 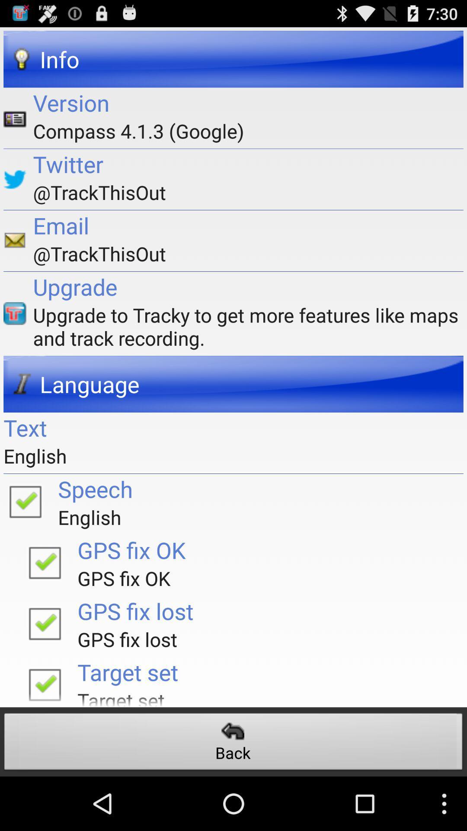 I want to click on speech option, so click(x=25, y=501).